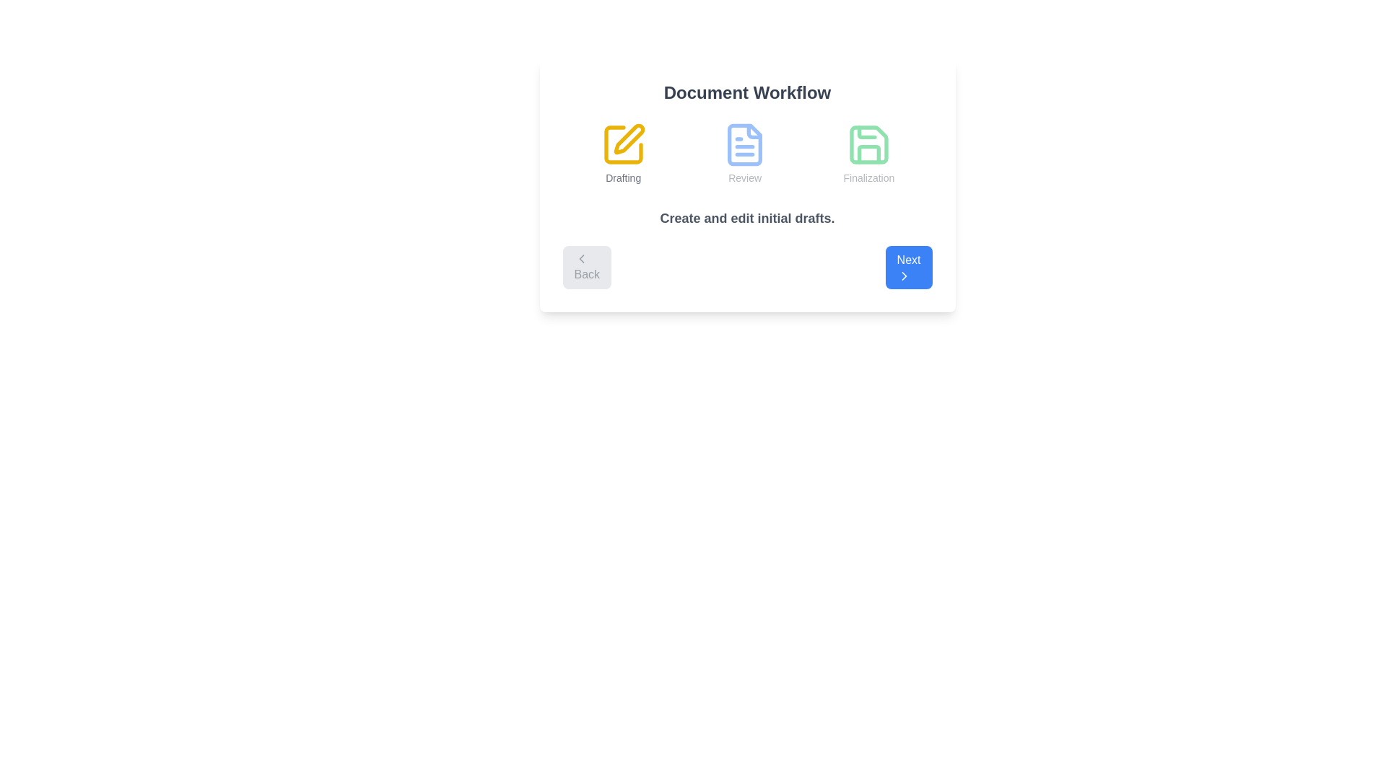  I want to click on the text label displaying 'Review' in a small, gray-colored font, located under the blue file icon in the middle column of the interface, so click(745, 177).